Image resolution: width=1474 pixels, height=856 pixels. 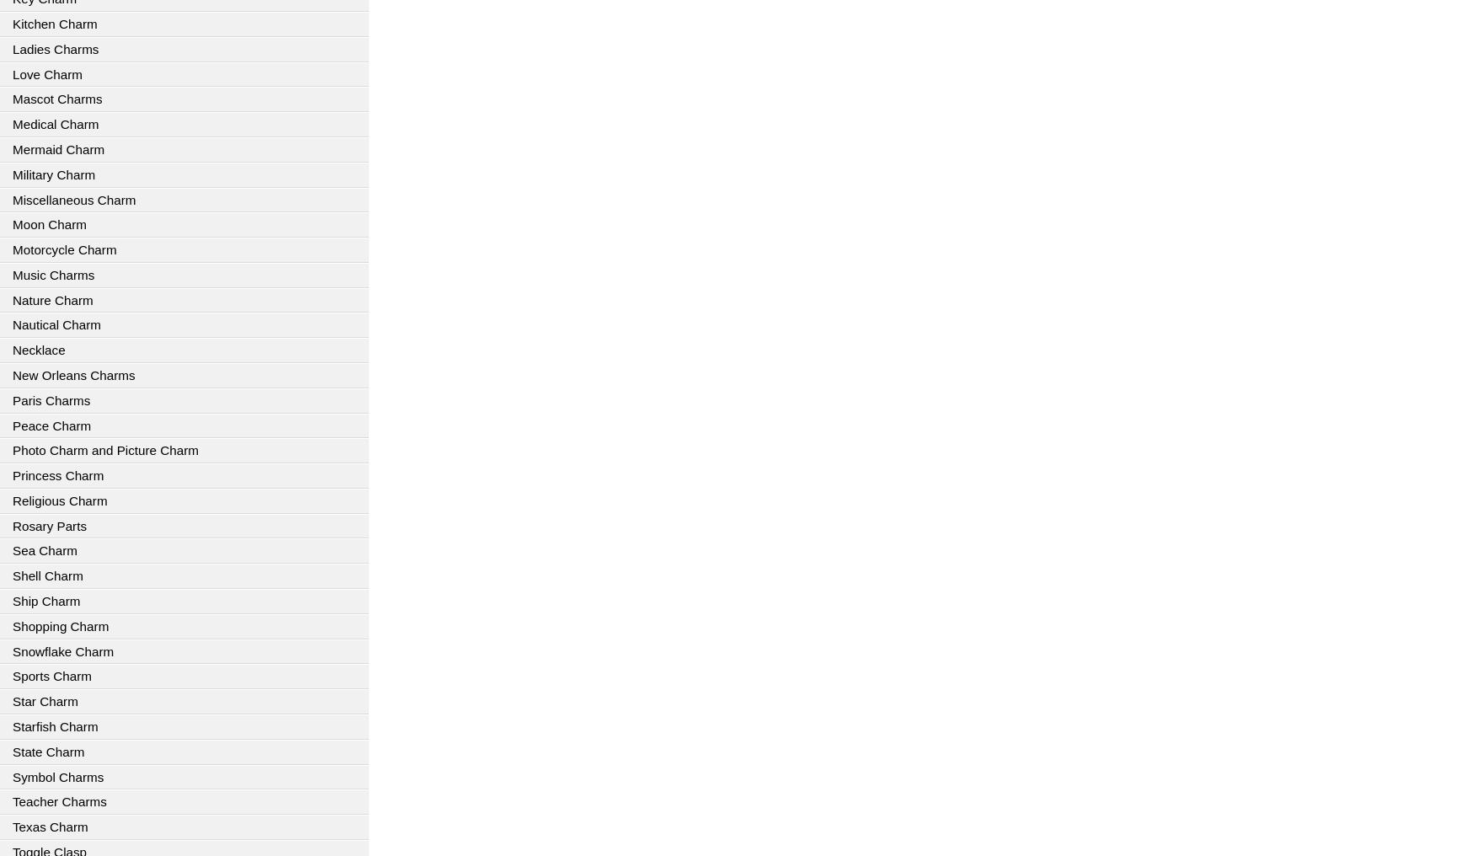 I want to click on 'Religious Charm', so click(x=60, y=500).